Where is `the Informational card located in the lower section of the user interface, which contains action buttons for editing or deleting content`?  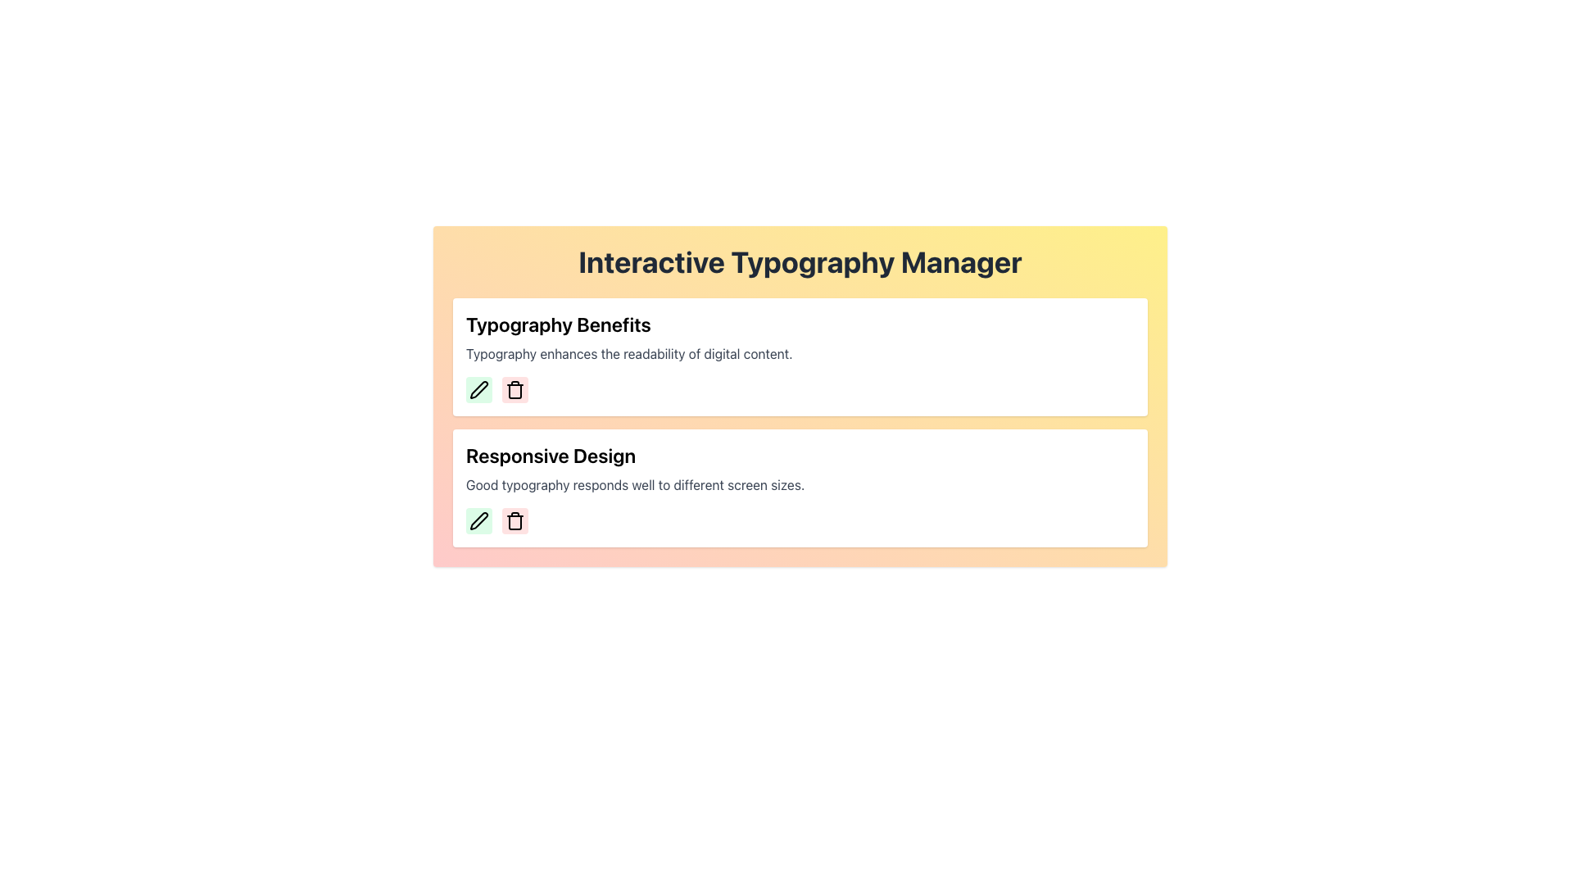
the Informational card located in the lower section of the user interface, which contains action buttons for editing or deleting content is located at coordinates (800, 488).